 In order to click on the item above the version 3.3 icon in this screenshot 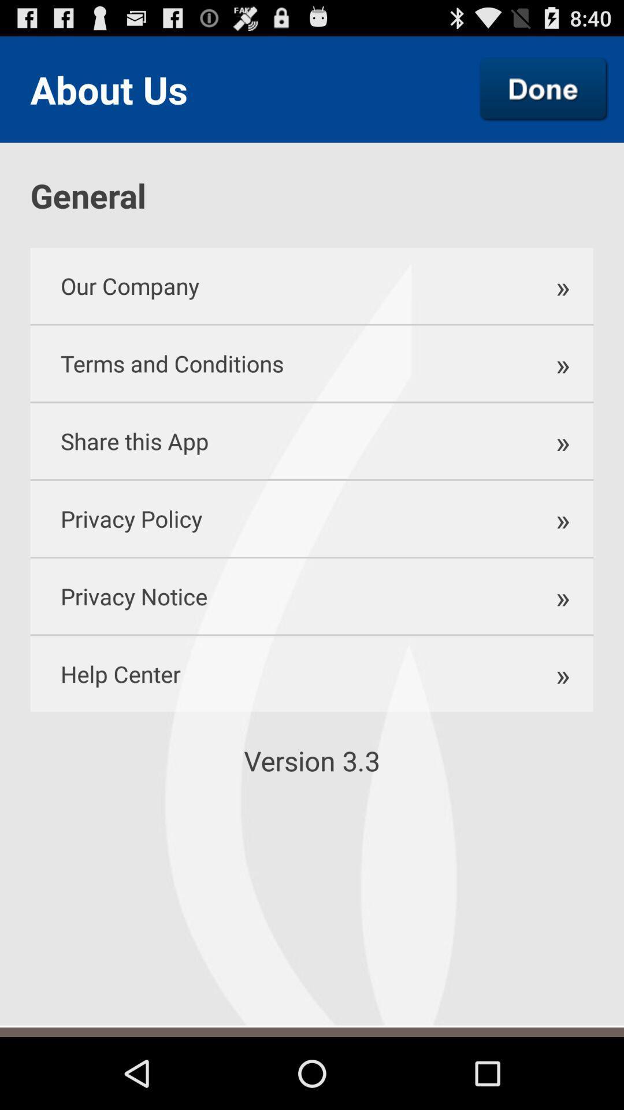, I will do `click(274, 674)`.